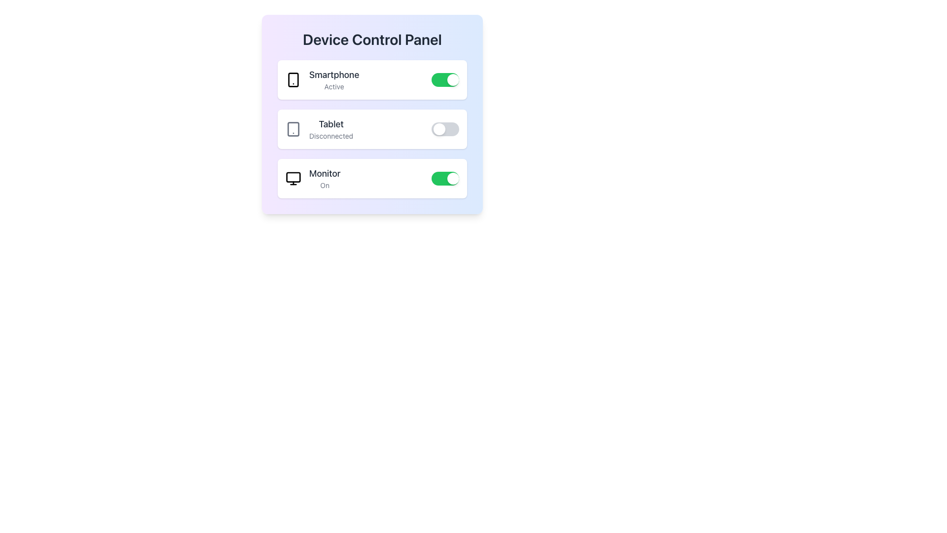  What do you see at coordinates (444, 179) in the screenshot?
I see `the toggle switch with a rounded green background and a white circular knob, located in the bottom section of the 'Device Control Panel'` at bounding box center [444, 179].